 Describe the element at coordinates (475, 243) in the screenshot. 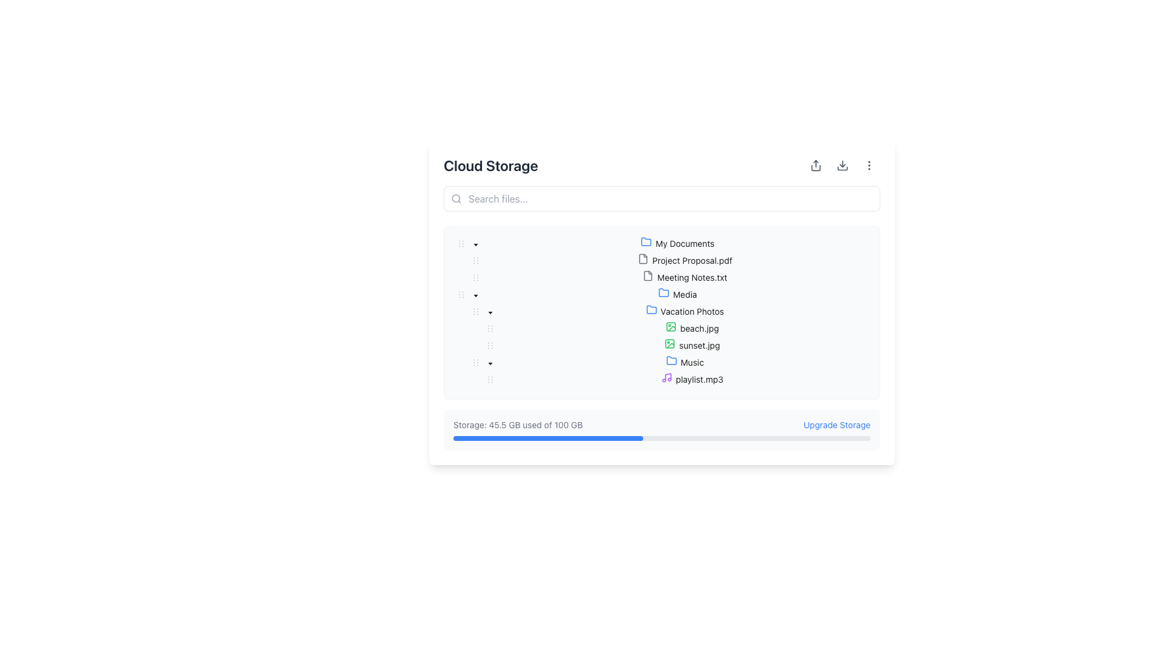

I see `the downward-pointing caret icon used for toggling the 'My Documents' section in the tree-view file explorer` at that location.